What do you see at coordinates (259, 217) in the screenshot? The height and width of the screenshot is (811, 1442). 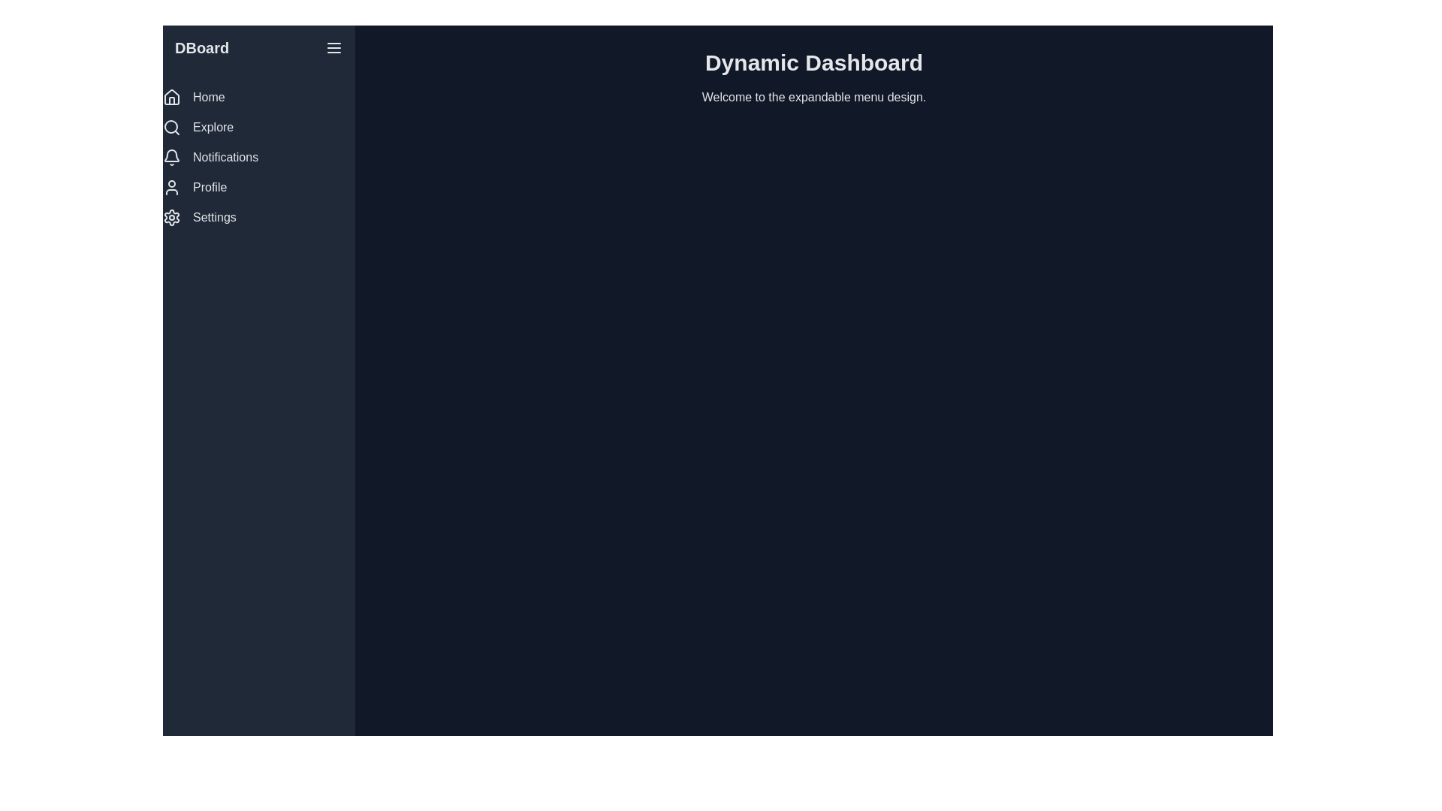 I see `the 'Settings' button in the vertical navigation menu` at bounding box center [259, 217].